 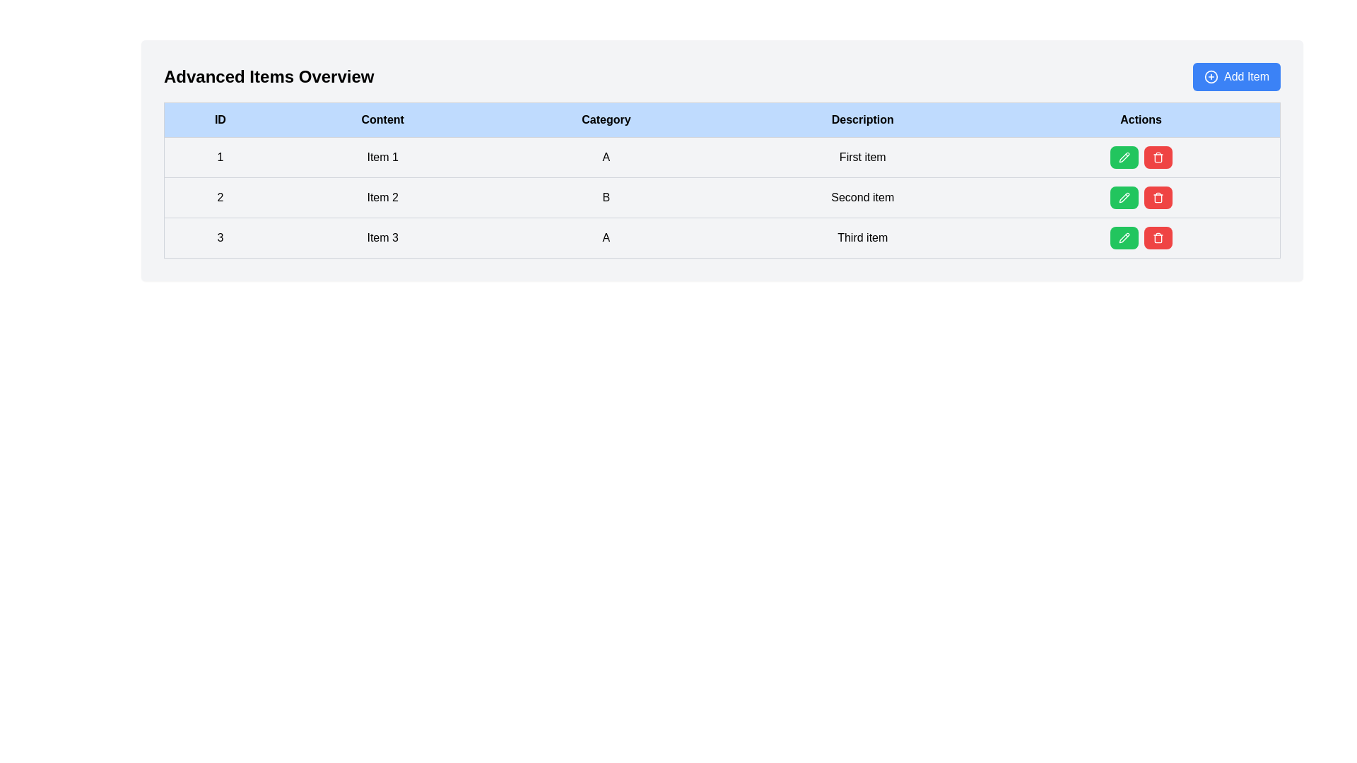 What do you see at coordinates (1123, 158) in the screenshot?
I see `the green edit button represented by a pencil icon in the Actions column of the second row (Item 2) of the table` at bounding box center [1123, 158].